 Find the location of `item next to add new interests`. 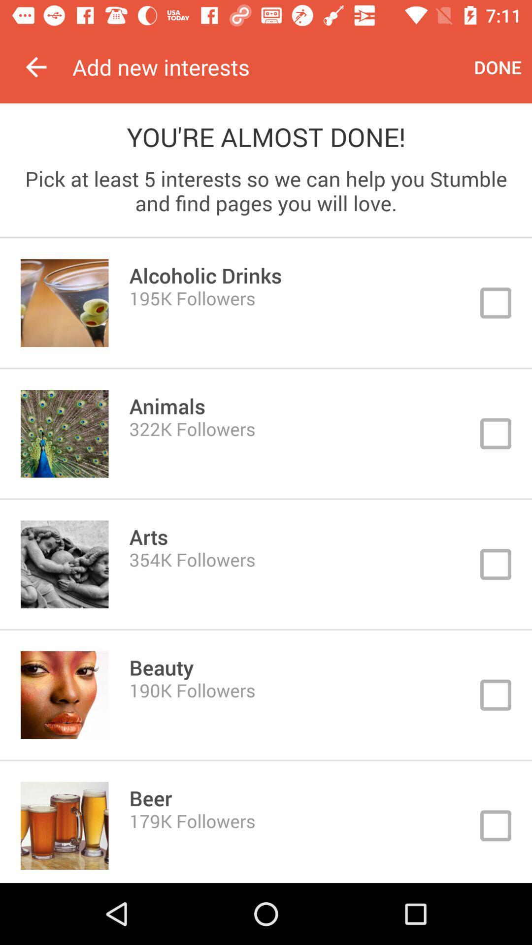

item next to add new interests is located at coordinates (35, 66).